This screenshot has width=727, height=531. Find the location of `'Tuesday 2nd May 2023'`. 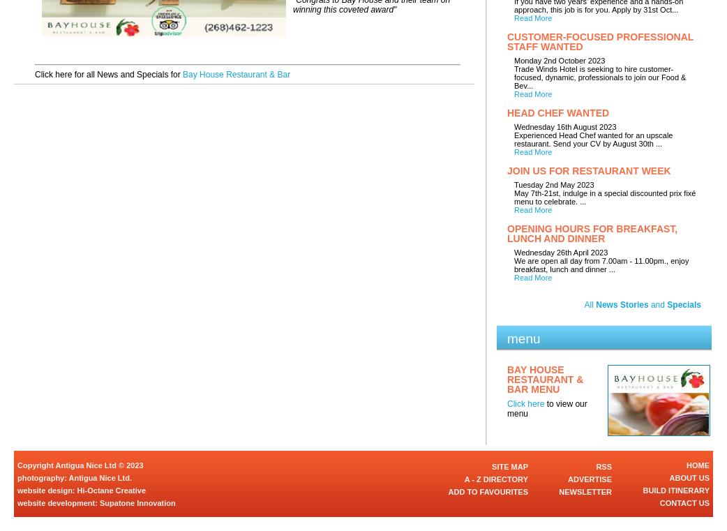

'Tuesday 2nd May 2023' is located at coordinates (554, 184).